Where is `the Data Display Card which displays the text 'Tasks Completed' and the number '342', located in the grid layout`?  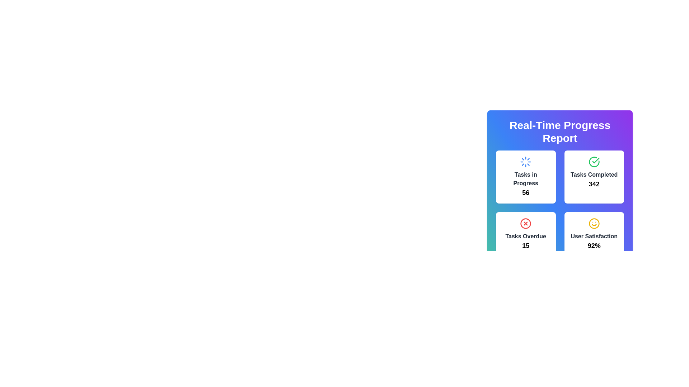
the Data Display Card which displays the text 'Tasks Completed' and the number '342', located in the grid layout is located at coordinates (594, 177).